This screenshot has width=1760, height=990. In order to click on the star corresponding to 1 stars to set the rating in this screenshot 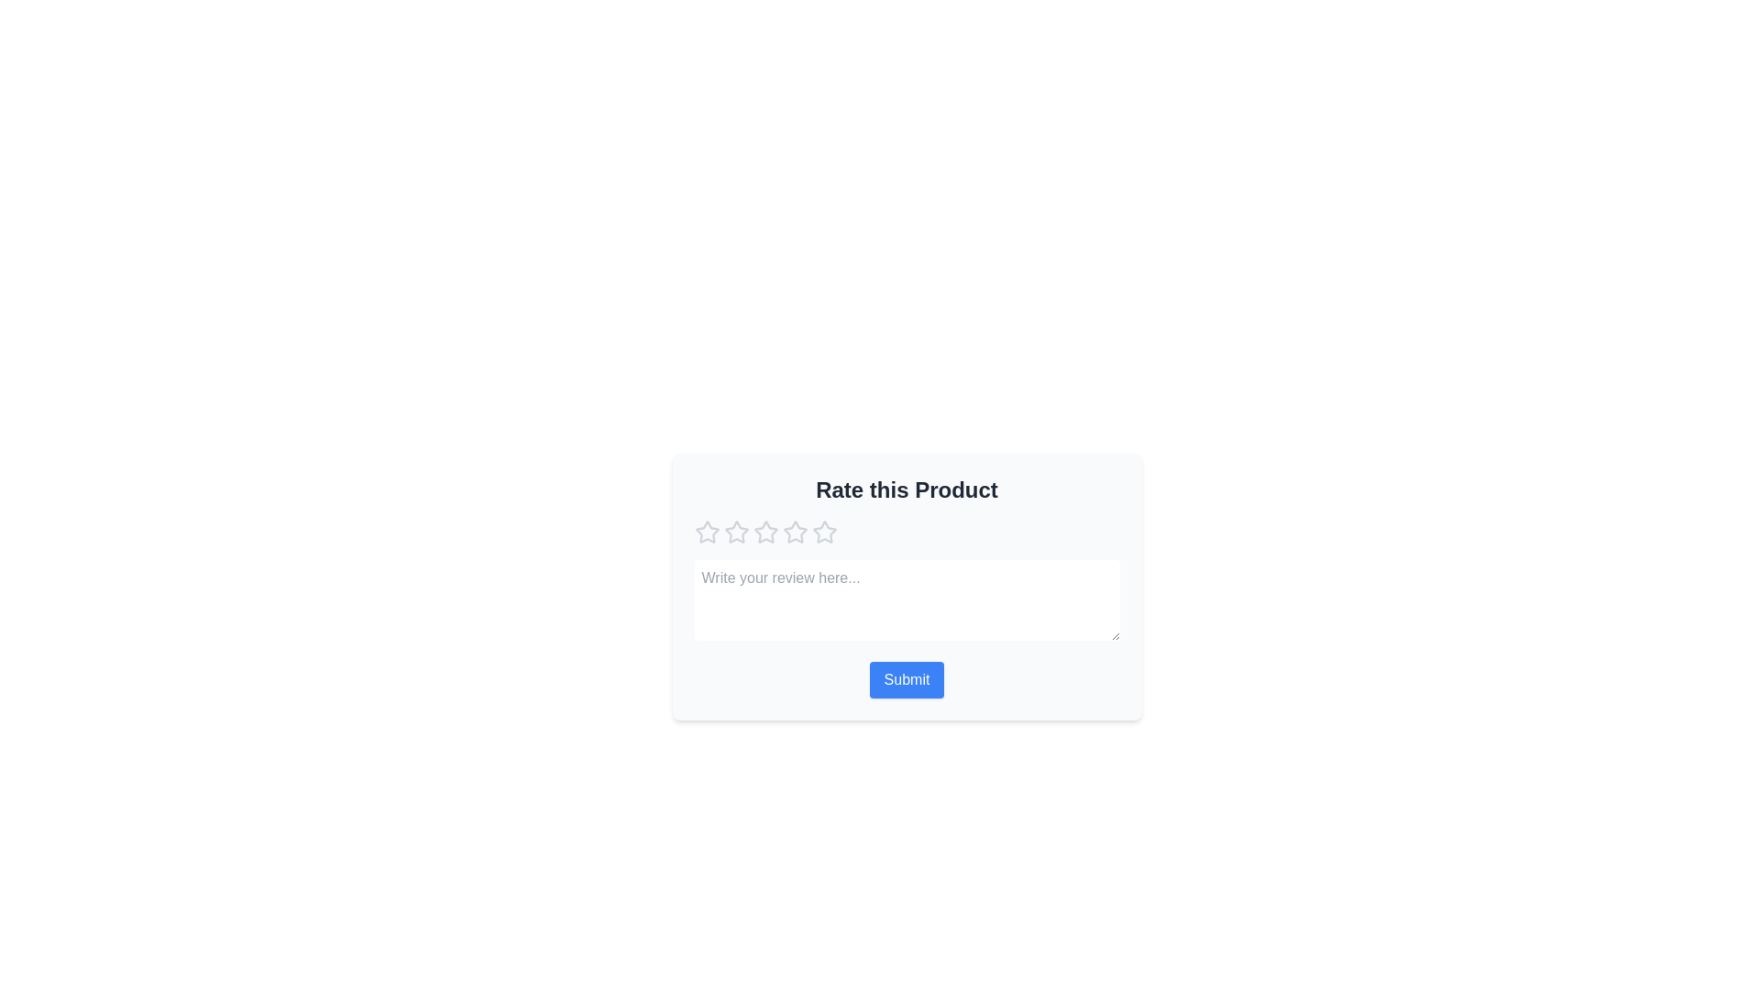, I will do `click(706, 533)`.